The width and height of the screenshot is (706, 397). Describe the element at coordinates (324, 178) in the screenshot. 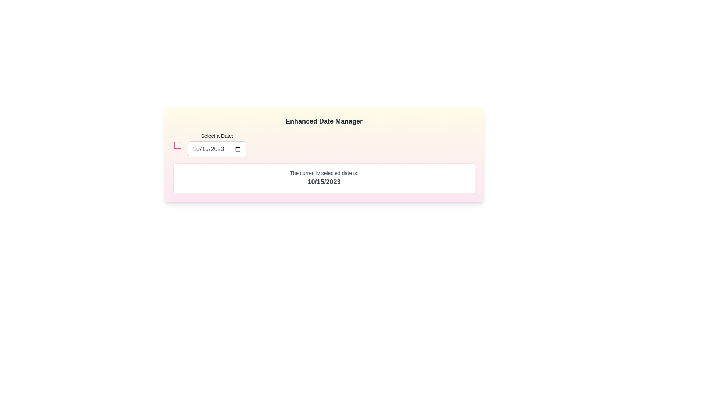

I see `the Display Box that shows the currently selected date, located at the bottom of the 'Enhanced Date Manager' card, beneath the date selection input field` at that location.